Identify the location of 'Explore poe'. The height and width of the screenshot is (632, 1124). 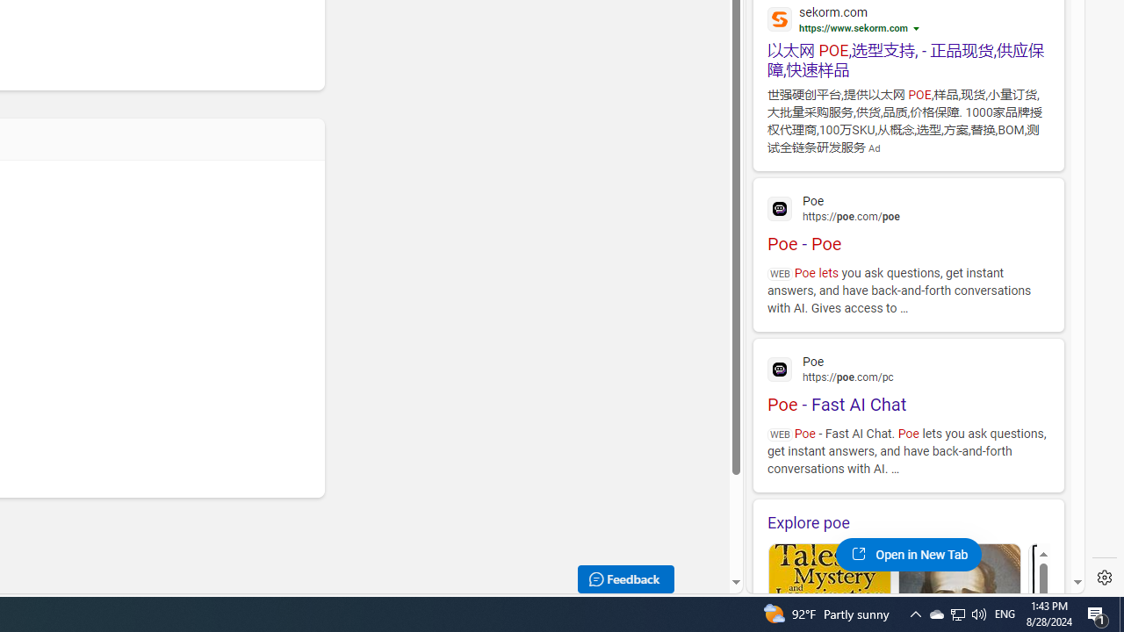
(908, 521).